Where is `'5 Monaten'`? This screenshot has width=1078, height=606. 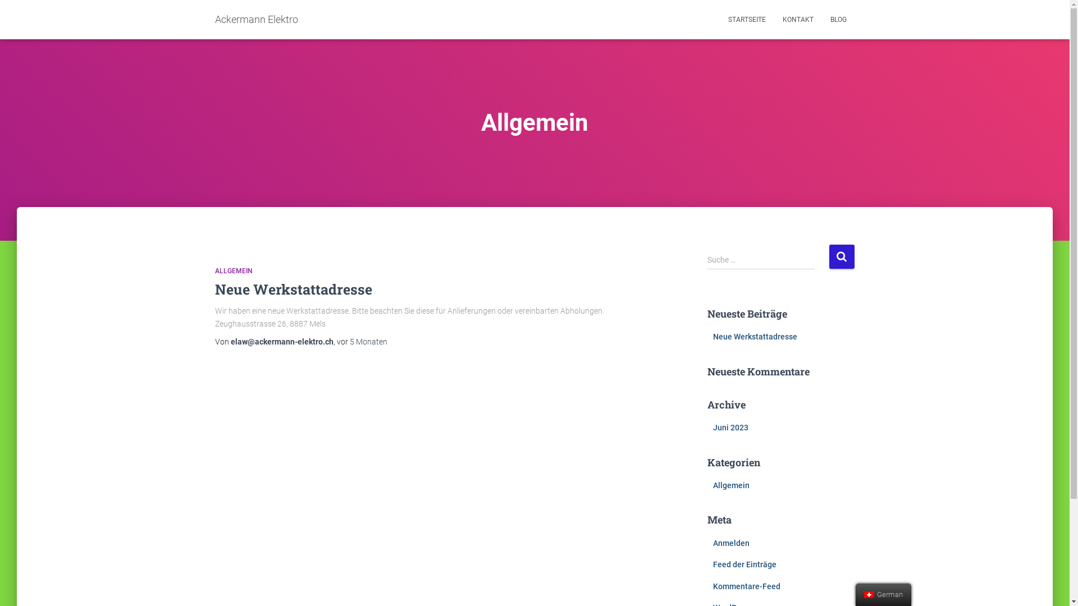 '5 Monaten' is located at coordinates (349, 341).